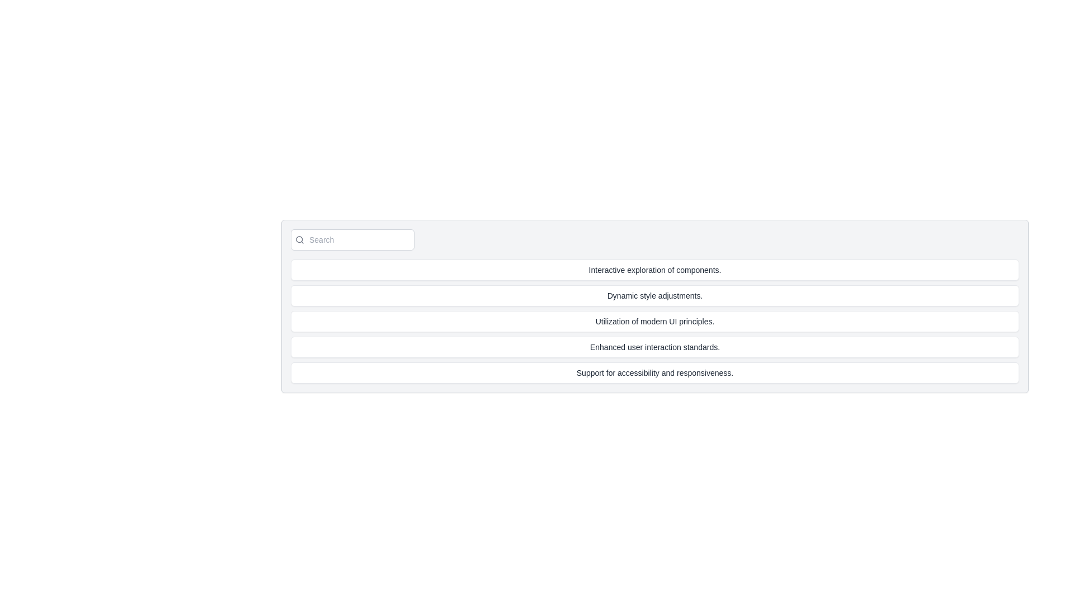 This screenshot has height=604, width=1074. What do you see at coordinates (610, 270) in the screenshot?
I see `the 12th character of the word 'Interactive' in the text 'Interactive exploration of components.' located in the first row of a vertically stacked list of text entries` at bounding box center [610, 270].